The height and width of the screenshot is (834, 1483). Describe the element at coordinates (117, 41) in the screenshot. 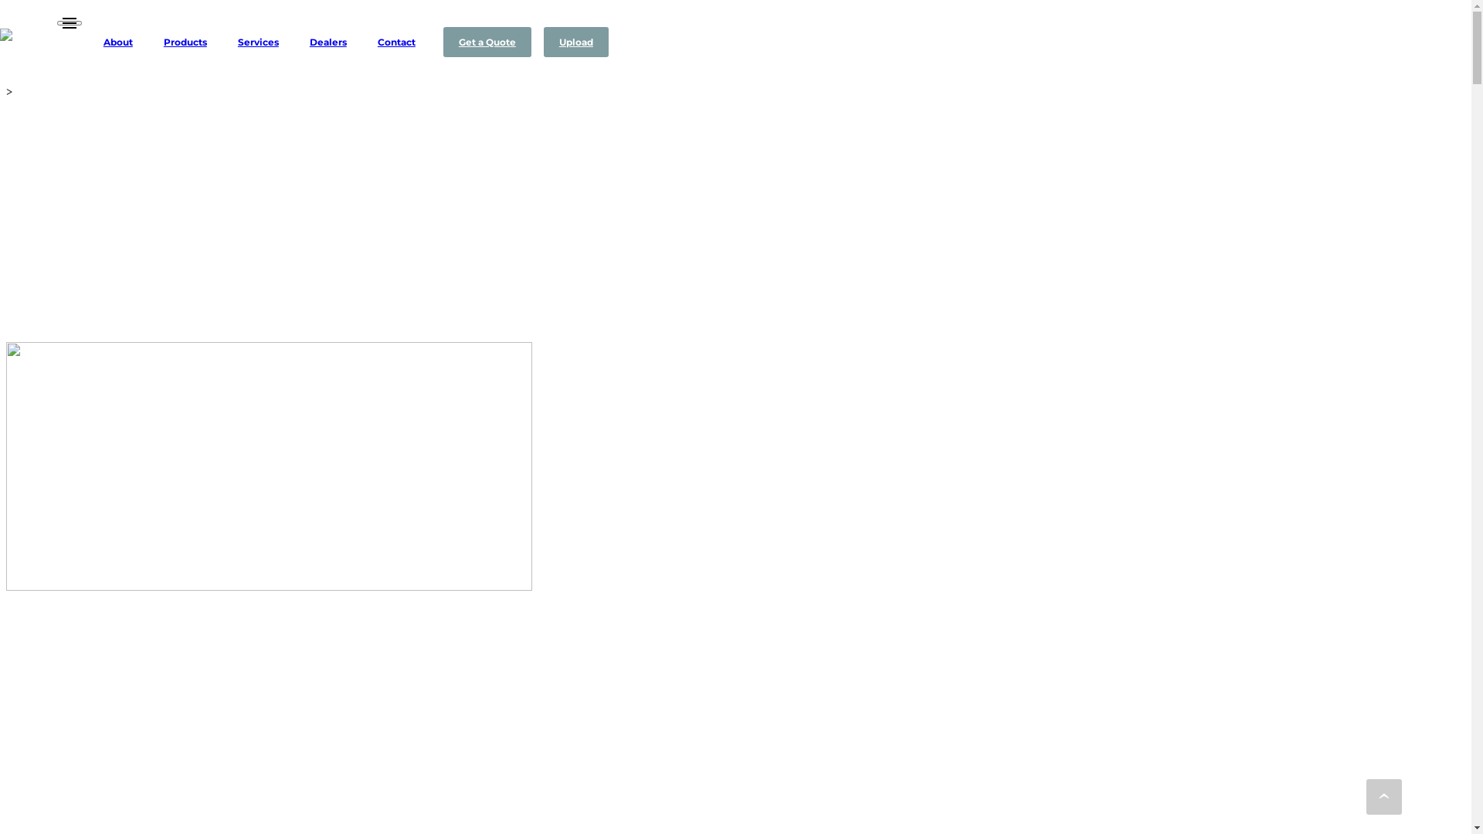

I see `'About'` at that location.